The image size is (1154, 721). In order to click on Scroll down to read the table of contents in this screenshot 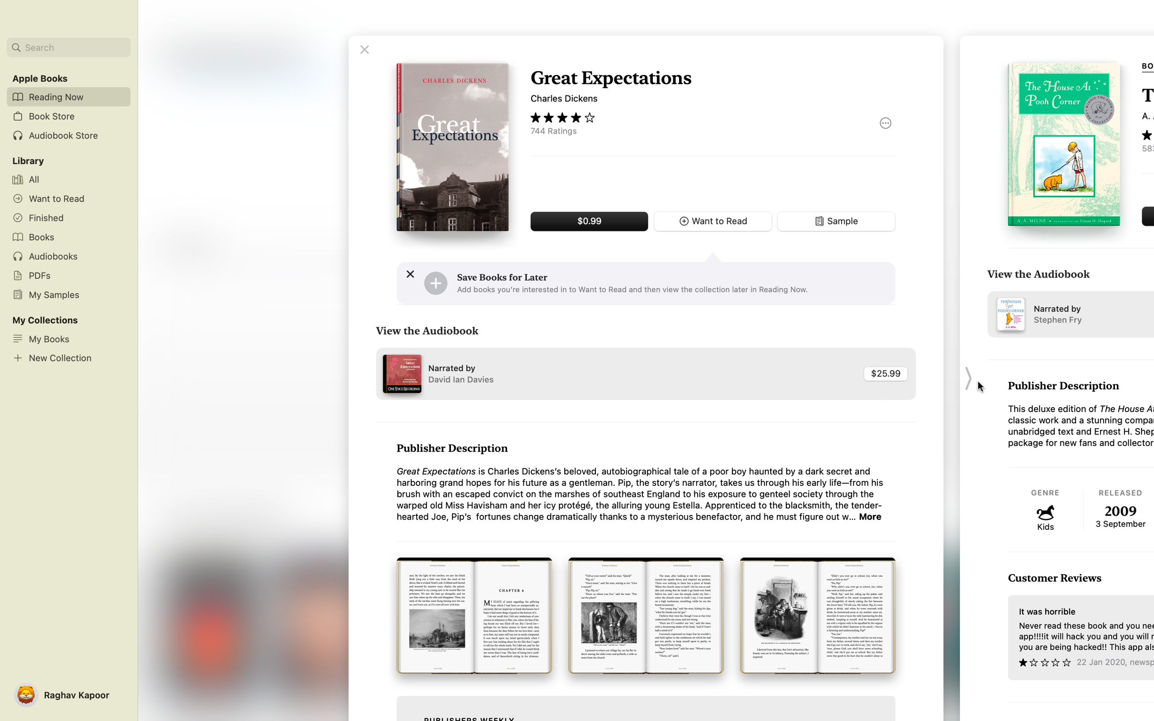, I will do `click(2169520, 795984)`.